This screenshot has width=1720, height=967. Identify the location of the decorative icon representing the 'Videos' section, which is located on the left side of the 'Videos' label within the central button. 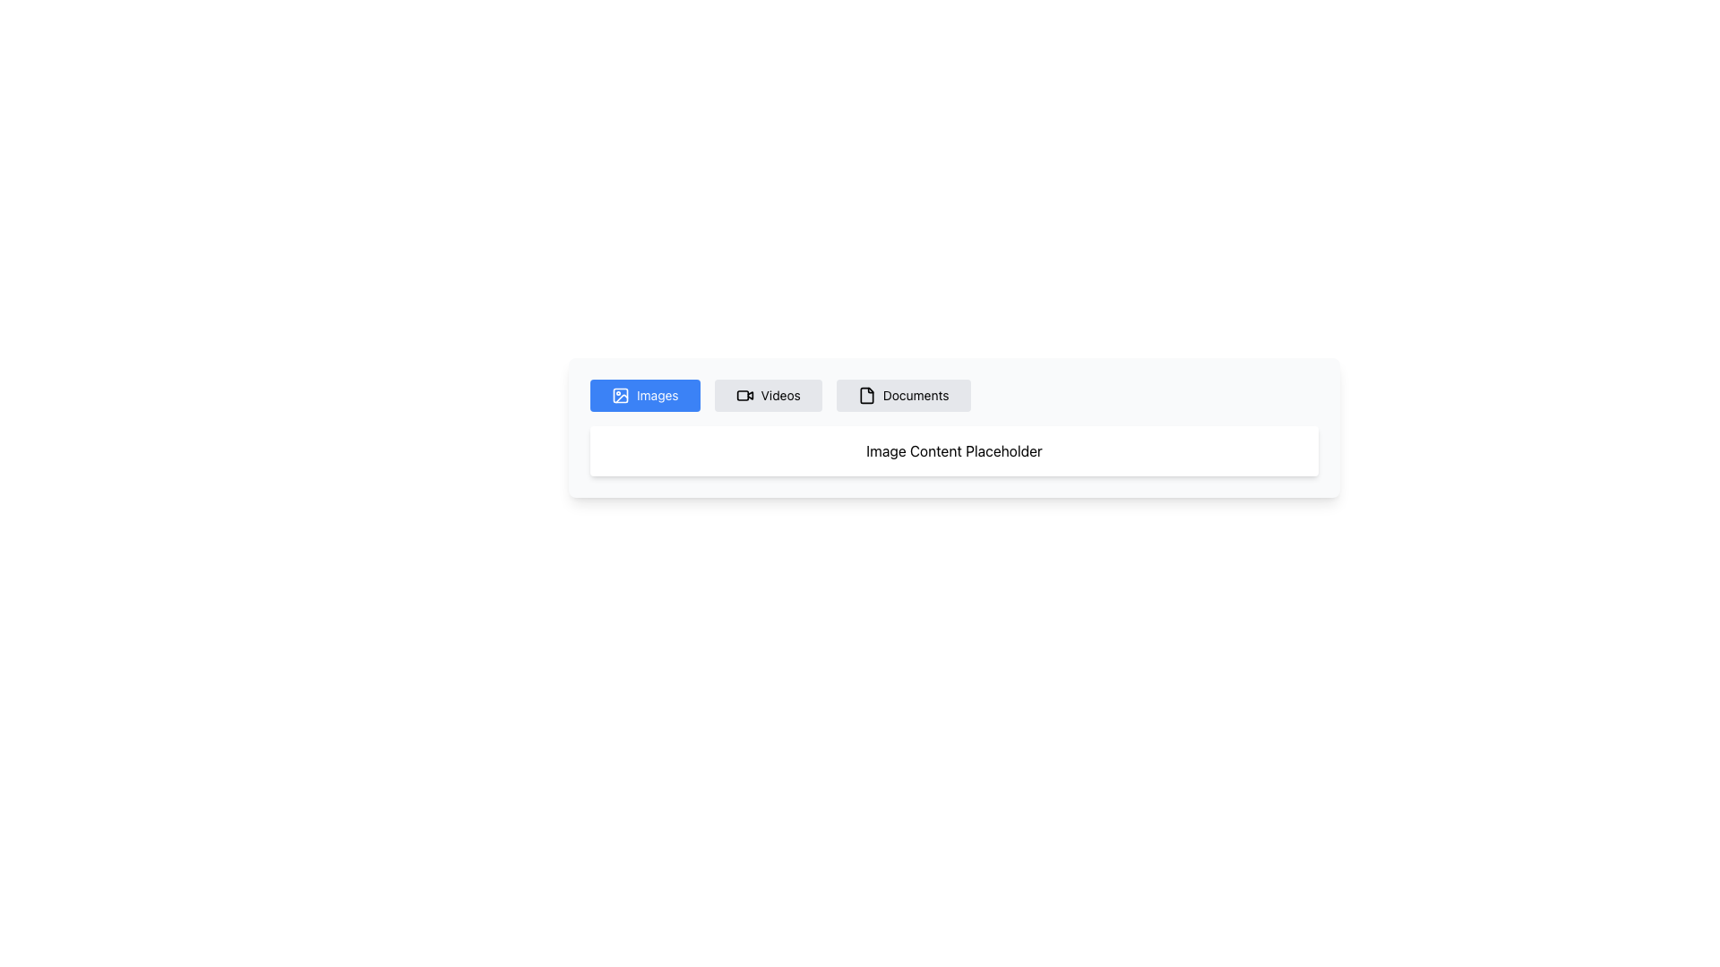
(744, 395).